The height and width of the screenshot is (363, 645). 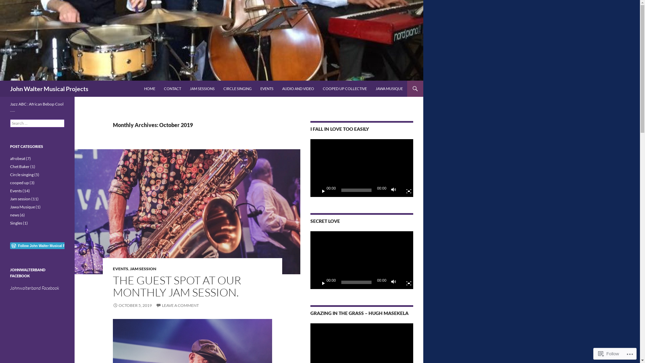 I want to click on 'Fullscreen', so click(x=406, y=190).